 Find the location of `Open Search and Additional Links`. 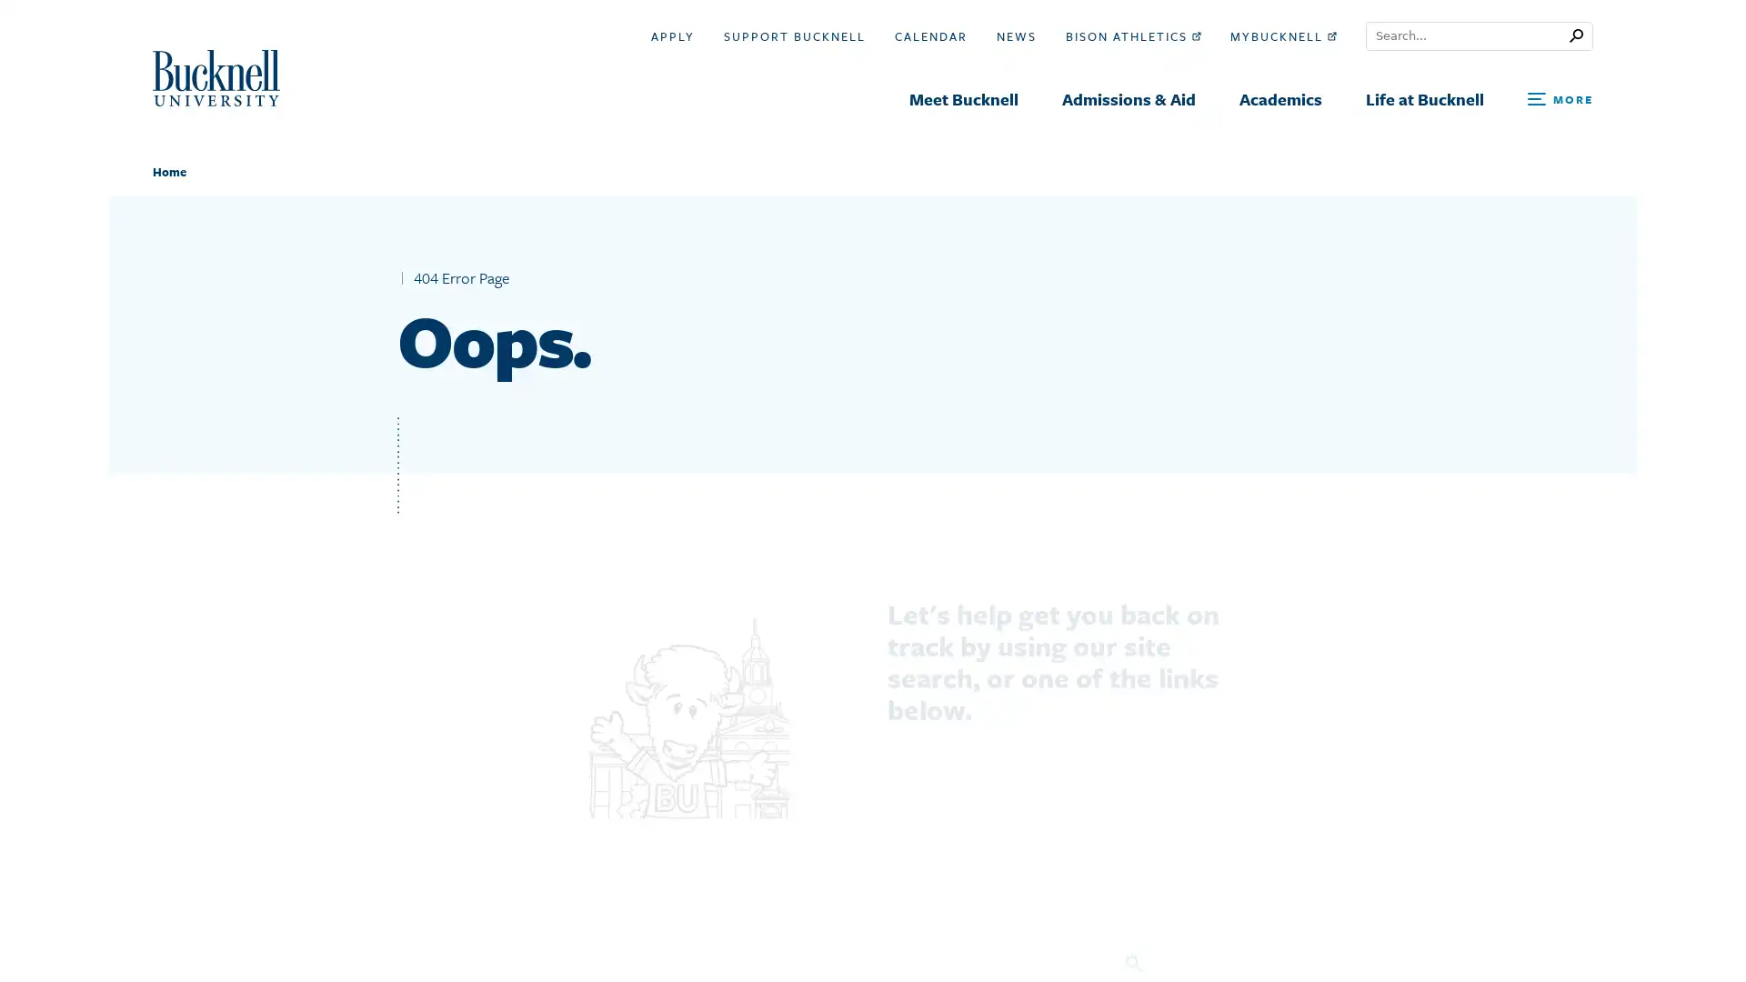

Open Search and Additional Links is located at coordinates (1560, 99).